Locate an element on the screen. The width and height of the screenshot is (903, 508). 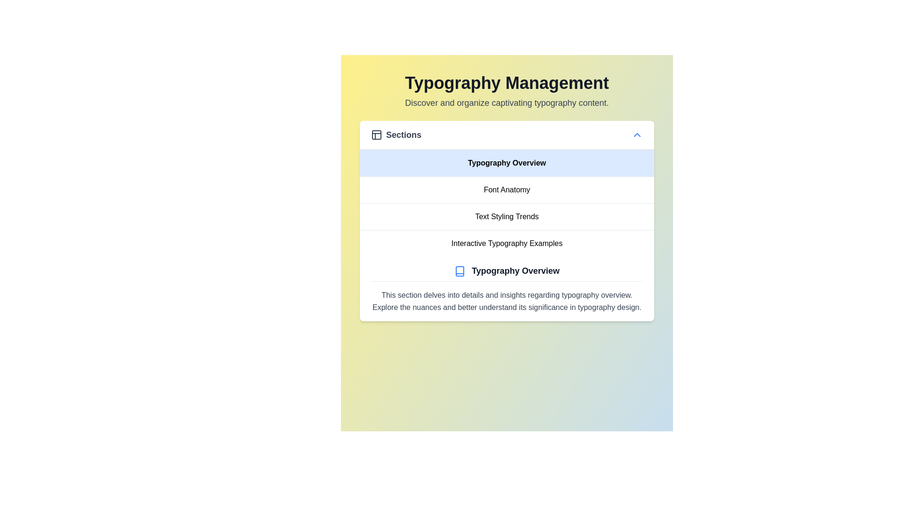
the book icon SVG element that visually represents the concept of 'Typography Overview' is located at coordinates (460, 271).